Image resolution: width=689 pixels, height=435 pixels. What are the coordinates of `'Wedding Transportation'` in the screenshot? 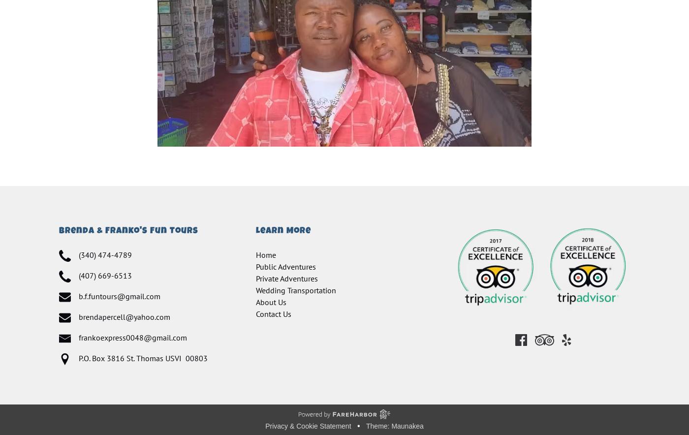 It's located at (296, 289).